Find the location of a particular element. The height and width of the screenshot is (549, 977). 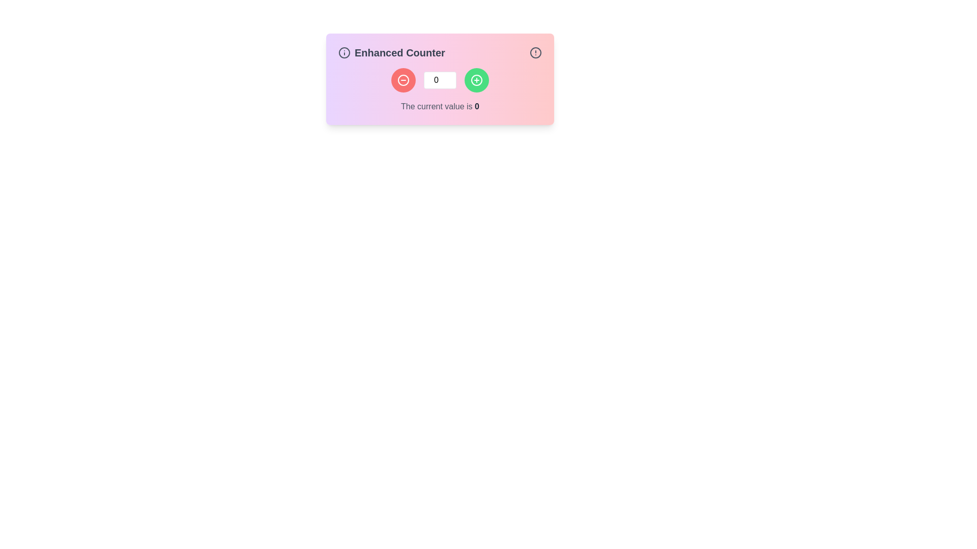

the icon located to the left of the 'Enhanced Counter' text is located at coordinates (344, 53).